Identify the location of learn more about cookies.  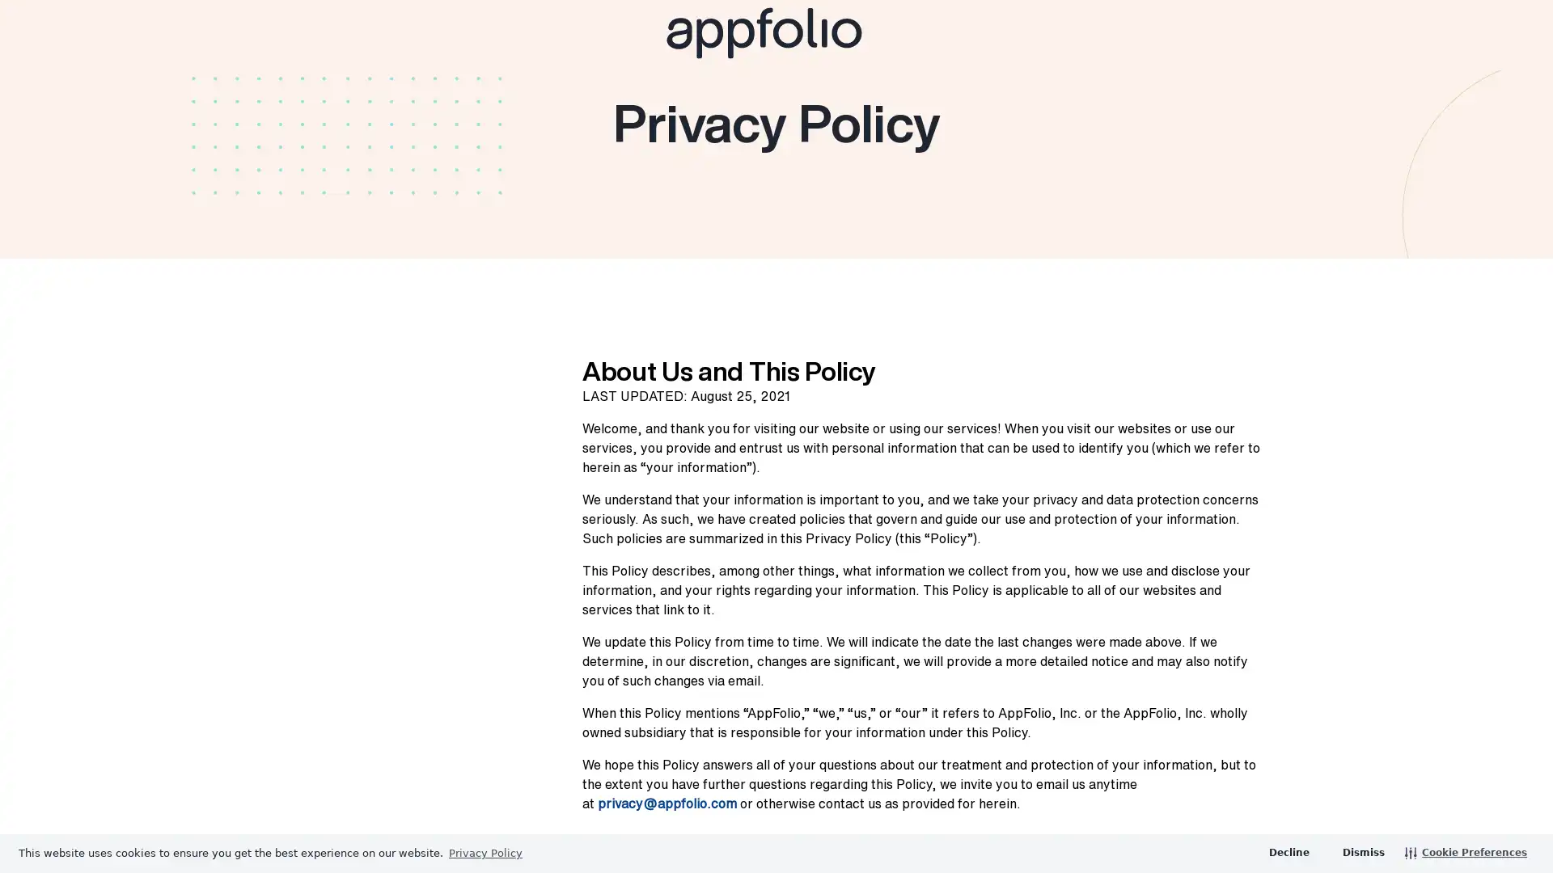
(485, 852).